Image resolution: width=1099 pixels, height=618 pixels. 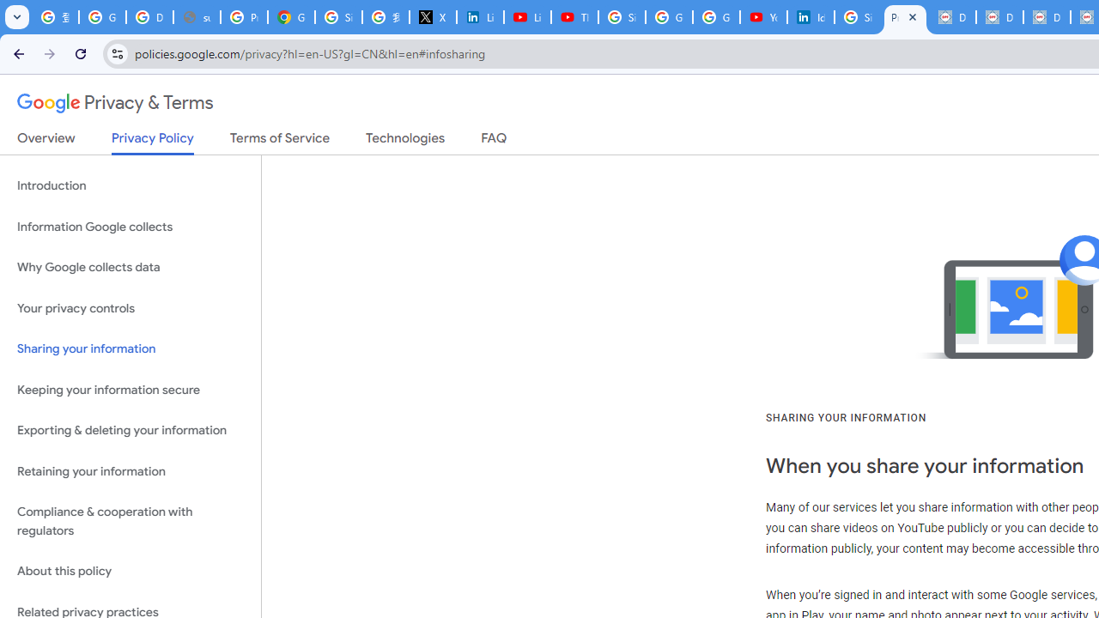 What do you see at coordinates (951, 17) in the screenshot?
I see `'Data Privacy Framework'` at bounding box center [951, 17].